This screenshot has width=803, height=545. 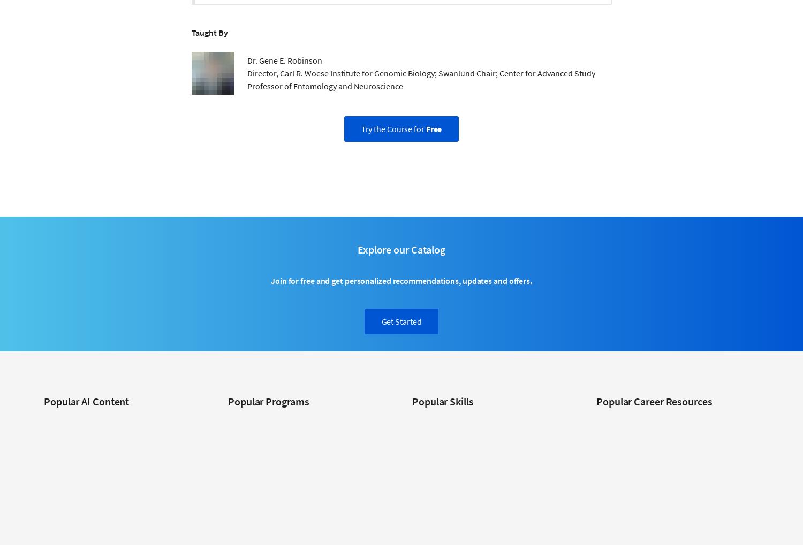 I want to click on 'Director, Carl R. Woese Institute for Genomic Biology; Swanlund Chair; Center for Advanced Study Professor of Entomology and Neuroscience', so click(x=421, y=79).